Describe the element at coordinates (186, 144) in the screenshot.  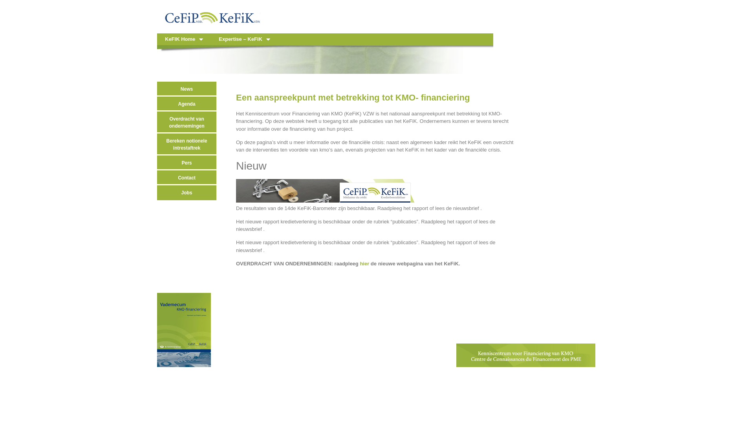
I see `'Bereken notionele intrestaftrek'` at that location.